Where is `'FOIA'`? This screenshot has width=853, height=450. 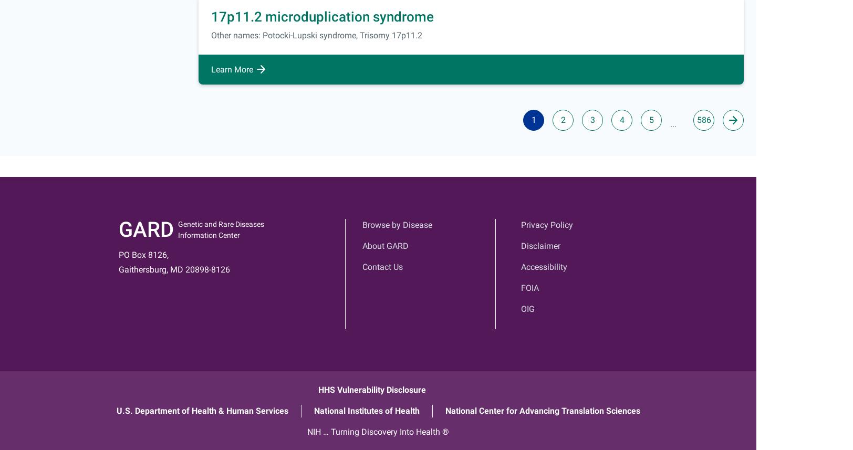 'FOIA' is located at coordinates (521, 287).